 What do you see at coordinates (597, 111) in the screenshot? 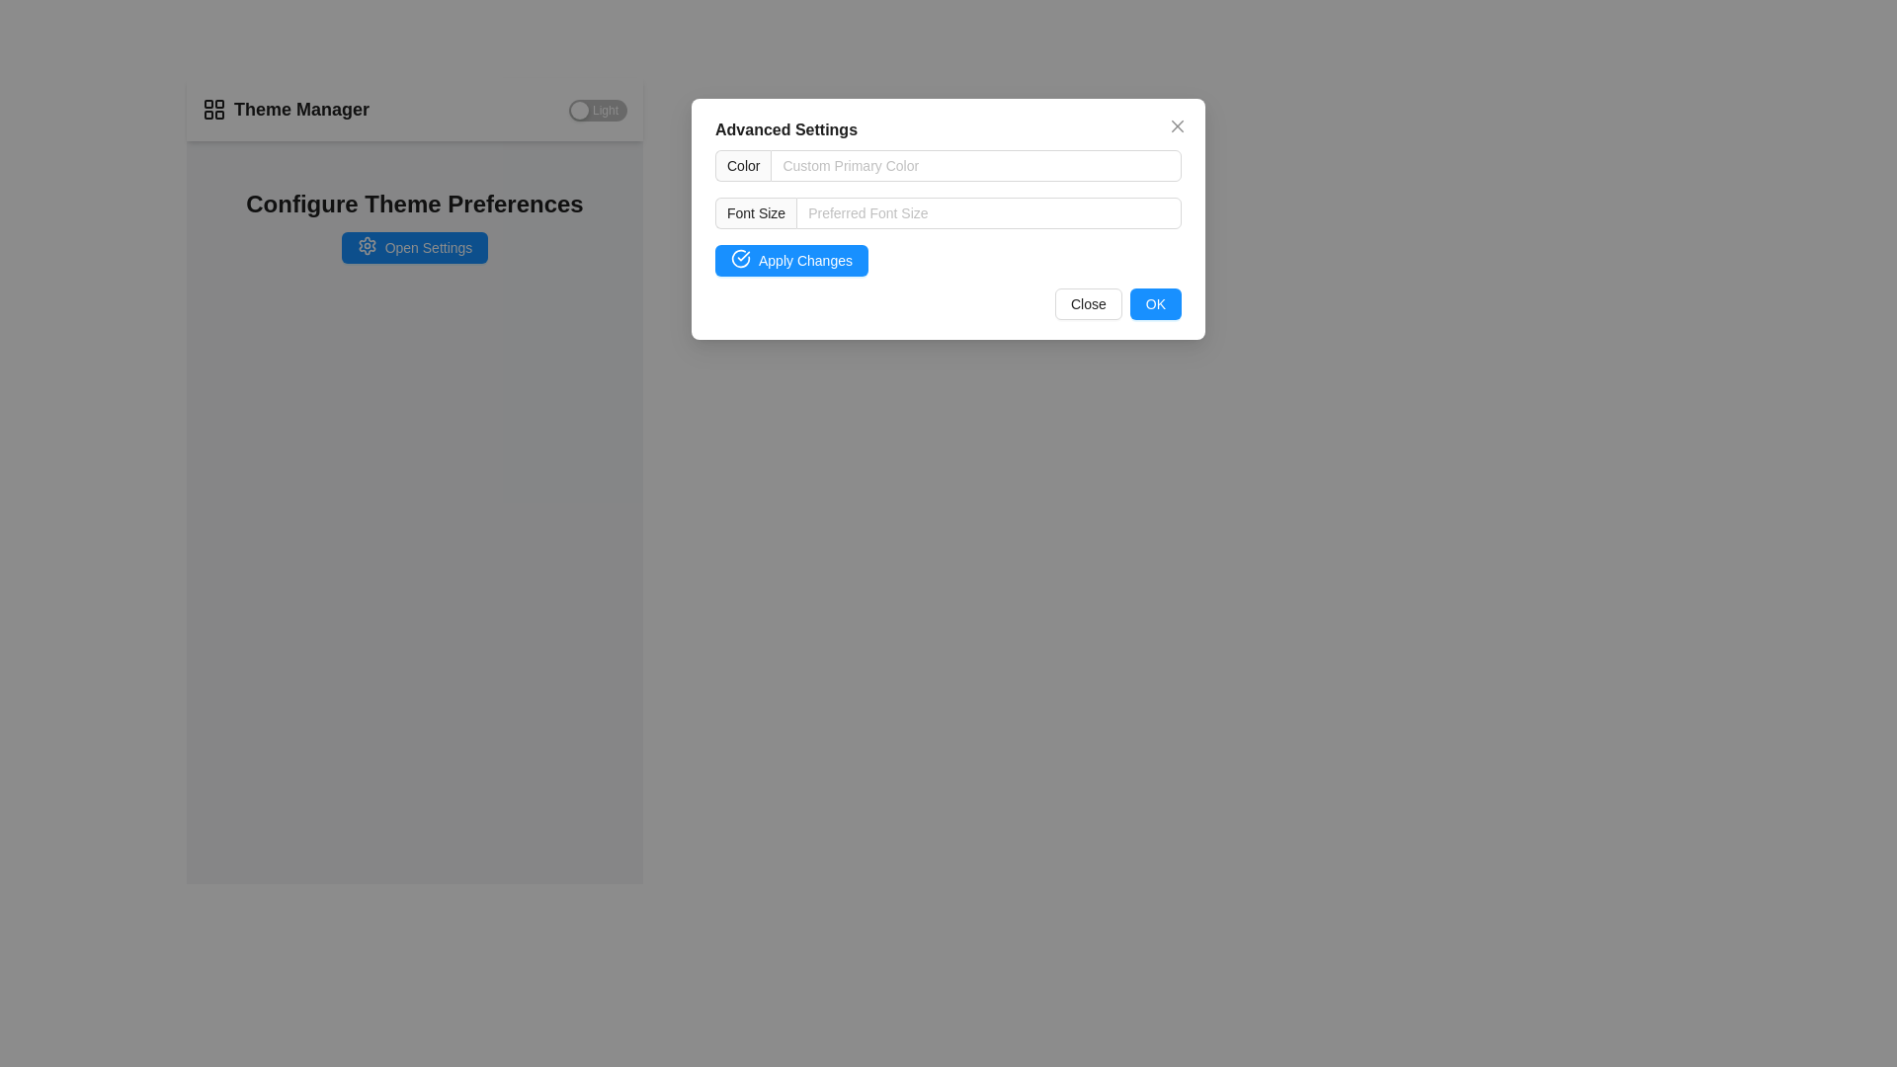
I see `the toggle switch located in the top-right corner of the interface within the 'Theme Manager' header section` at bounding box center [597, 111].